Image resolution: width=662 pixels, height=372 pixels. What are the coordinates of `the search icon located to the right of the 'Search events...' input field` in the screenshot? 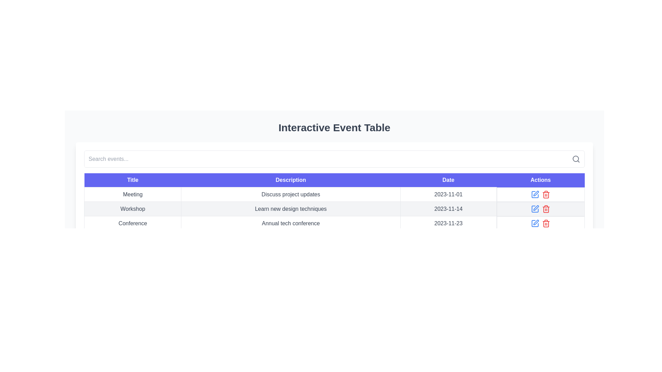 It's located at (576, 159).